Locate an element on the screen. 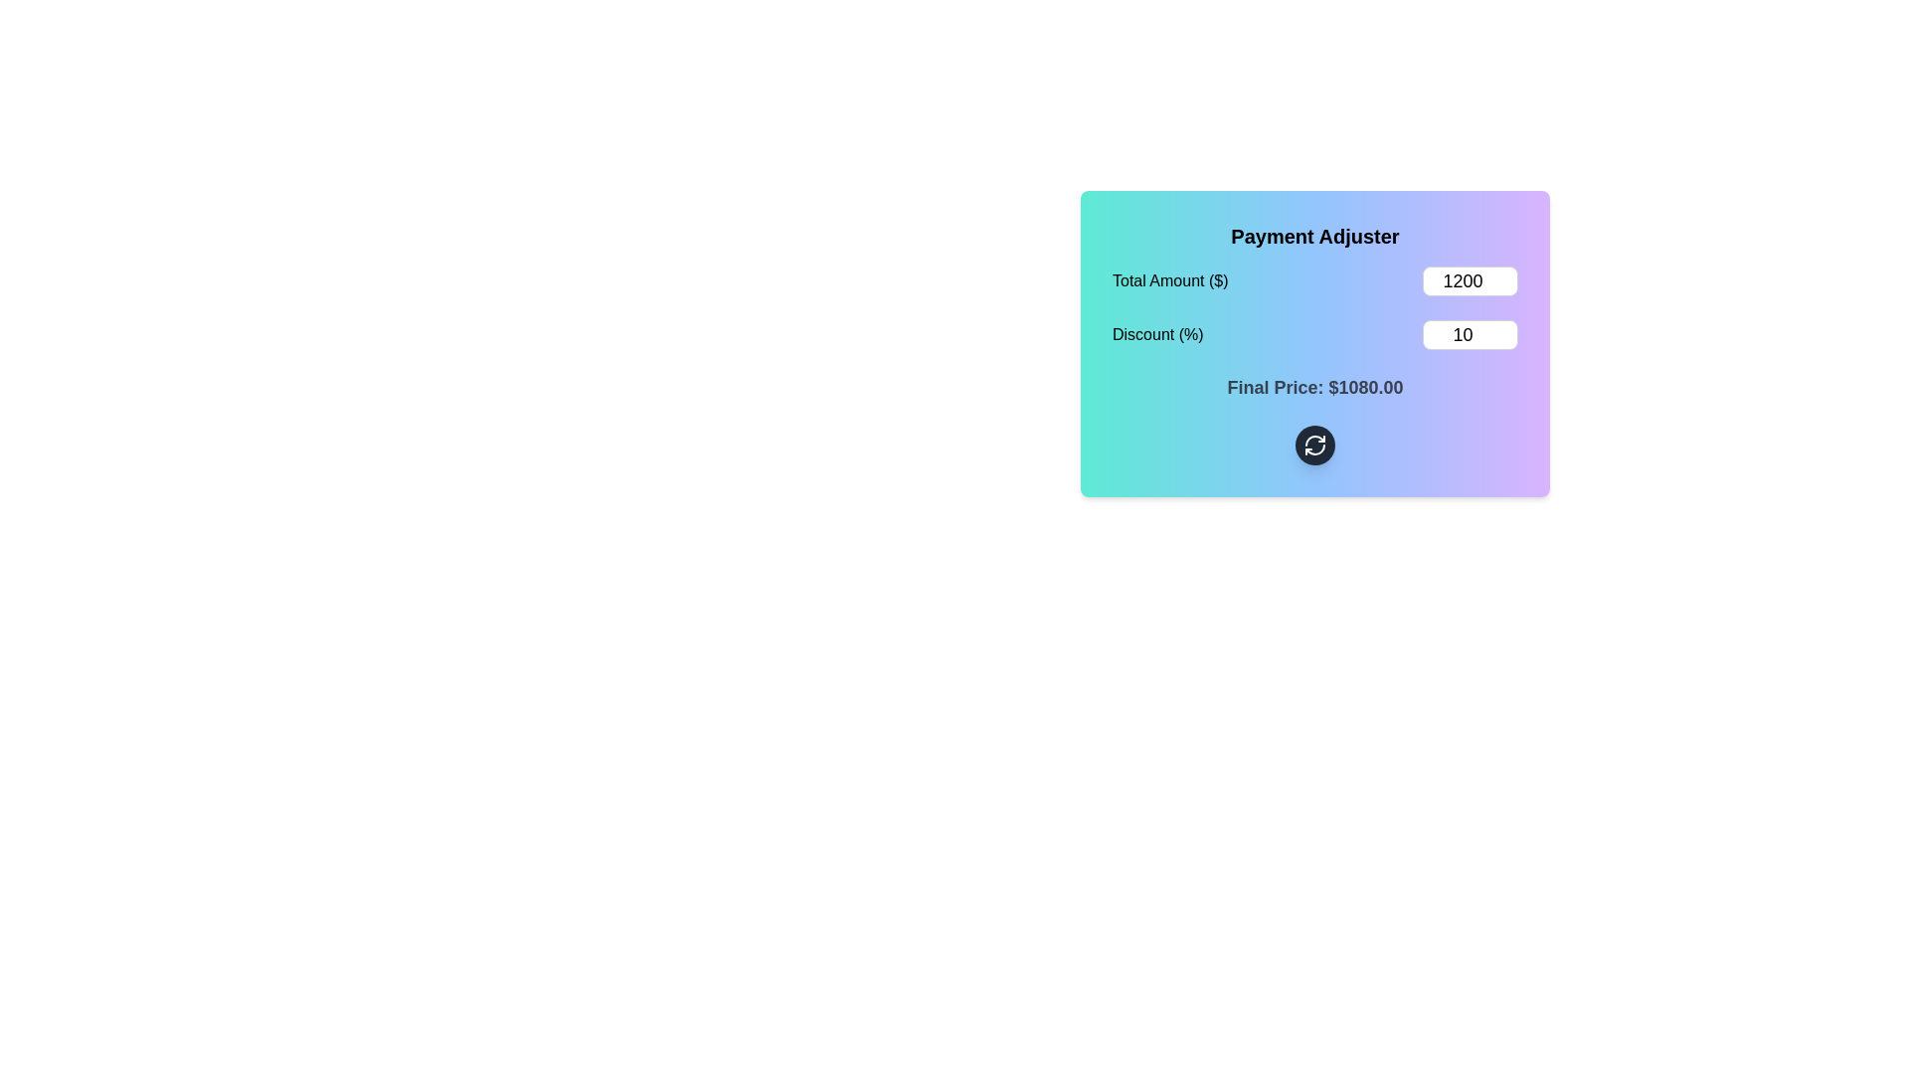  the text input field for monetary amount located to the right of the label 'Total Amount ($)' is located at coordinates (1470, 280).